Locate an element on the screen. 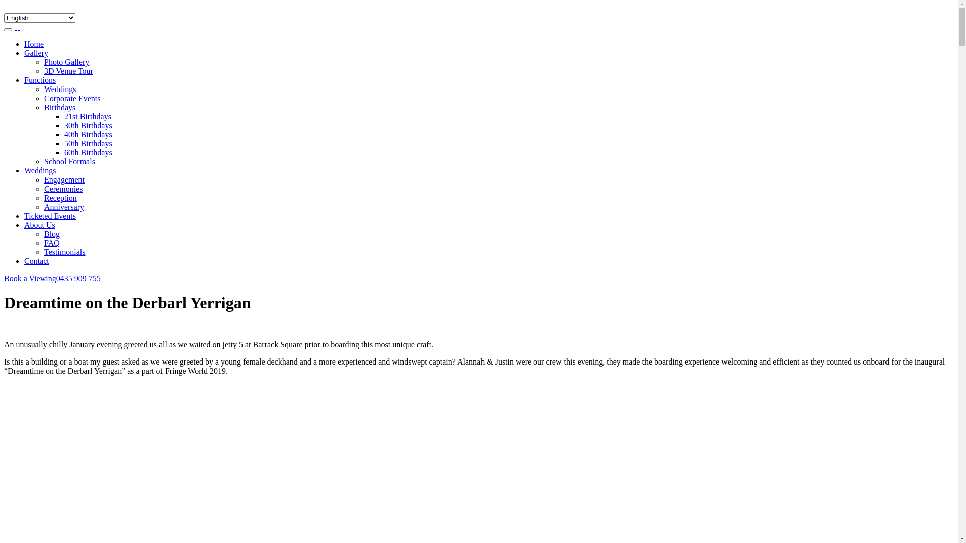 This screenshot has width=966, height=543. '60th Birthdays' is located at coordinates (88, 152).